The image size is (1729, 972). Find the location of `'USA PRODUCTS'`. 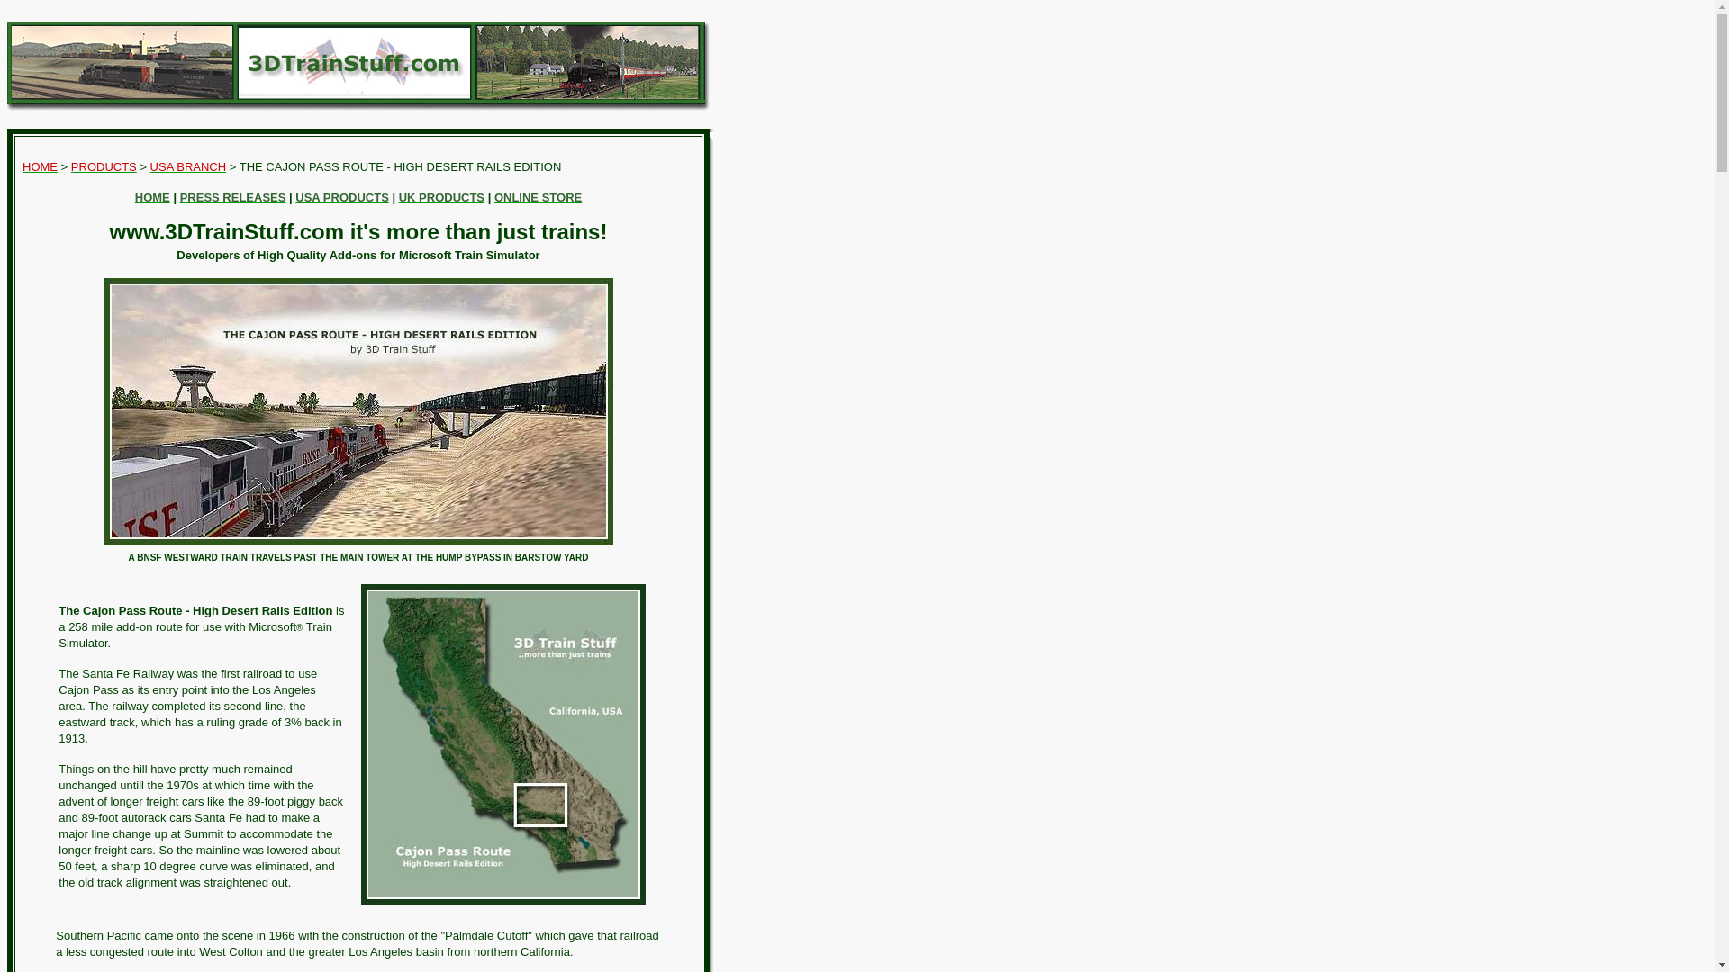

'USA PRODUCTS' is located at coordinates (341, 197).